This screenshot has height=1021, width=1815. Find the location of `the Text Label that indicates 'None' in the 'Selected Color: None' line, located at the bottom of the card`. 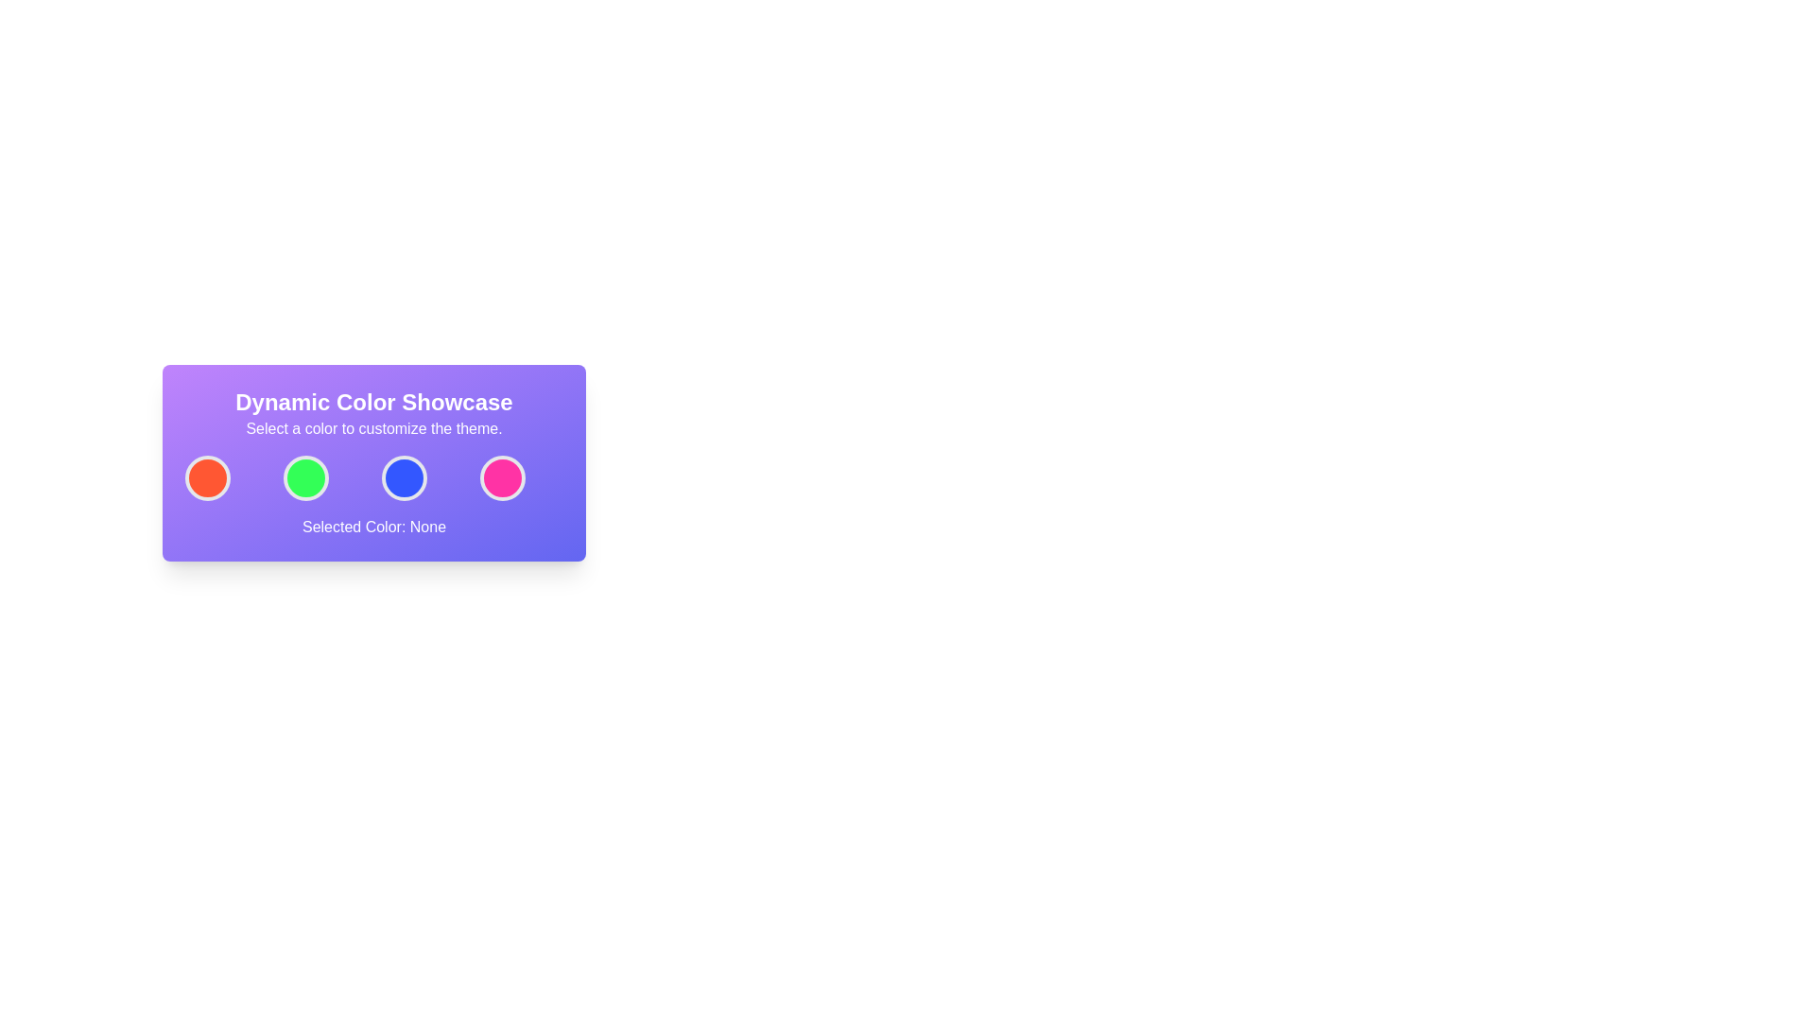

the Text Label that indicates 'None' in the 'Selected Color: None' line, located at the bottom of the card is located at coordinates (426, 527).